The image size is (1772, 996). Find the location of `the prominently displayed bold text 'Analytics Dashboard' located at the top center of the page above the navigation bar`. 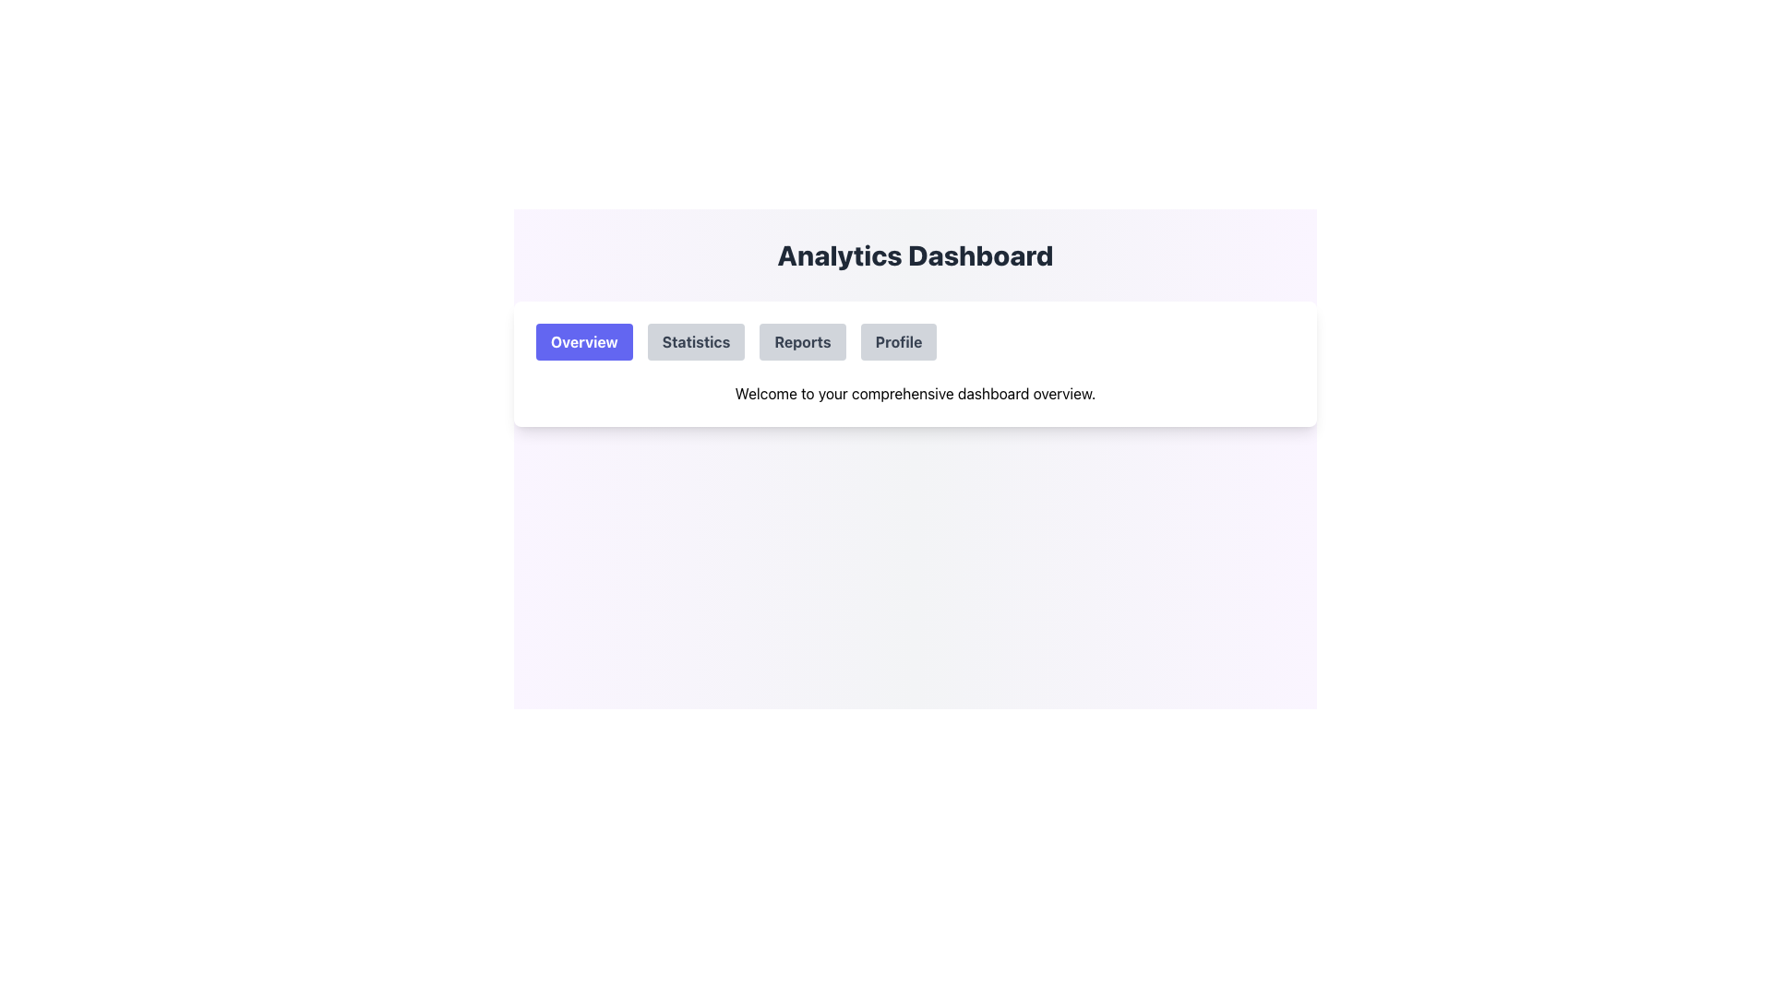

the prominently displayed bold text 'Analytics Dashboard' located at the top center of the page above the navigation bar is located at coordinates (916, 255).